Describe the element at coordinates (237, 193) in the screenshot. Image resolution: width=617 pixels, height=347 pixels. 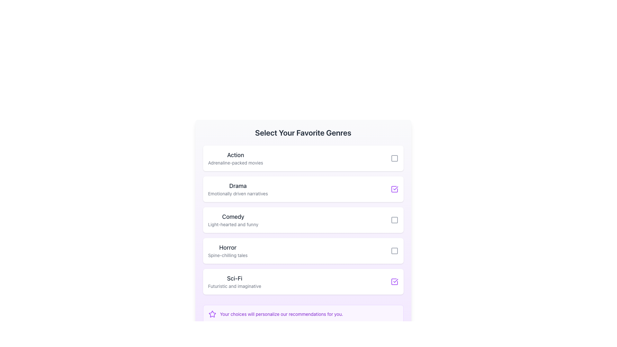
I see `text from the Text Label element that displays 'Emotionally driven narratives', located under the heading 'Drama'` at that location.